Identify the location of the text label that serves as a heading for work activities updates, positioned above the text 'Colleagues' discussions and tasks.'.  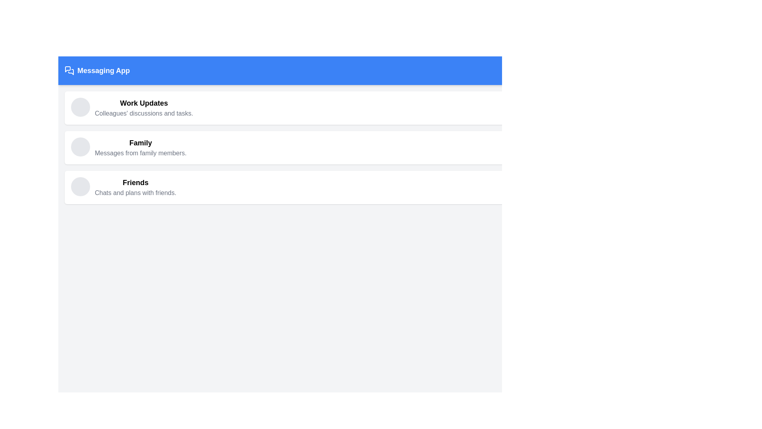
(144, 102).